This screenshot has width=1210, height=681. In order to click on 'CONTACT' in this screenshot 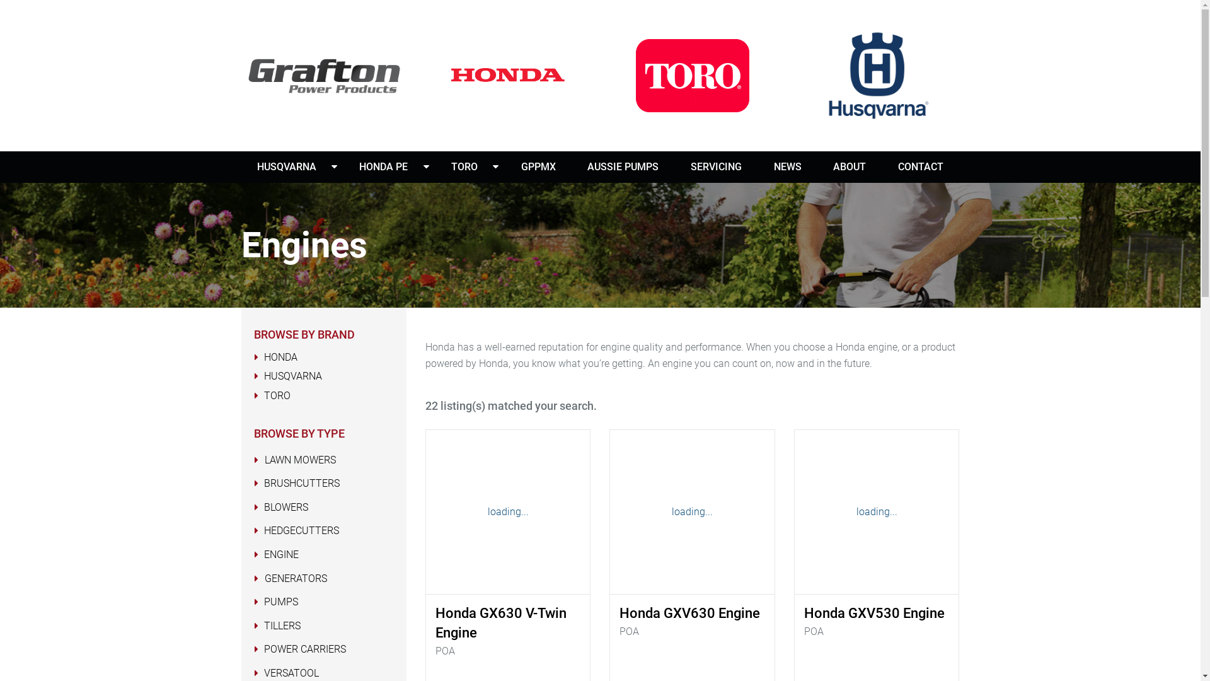, I will do `click(920, 166)`.